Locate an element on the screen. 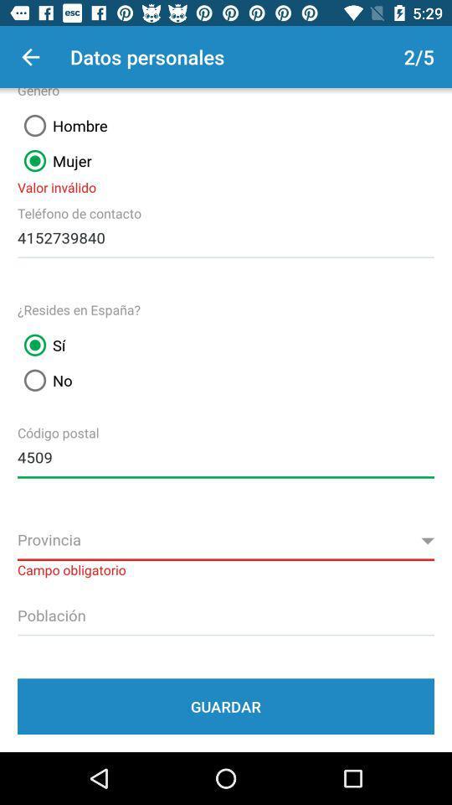  move to the text telefono de contacto 4152739840 is located at coordinates (226, 234).